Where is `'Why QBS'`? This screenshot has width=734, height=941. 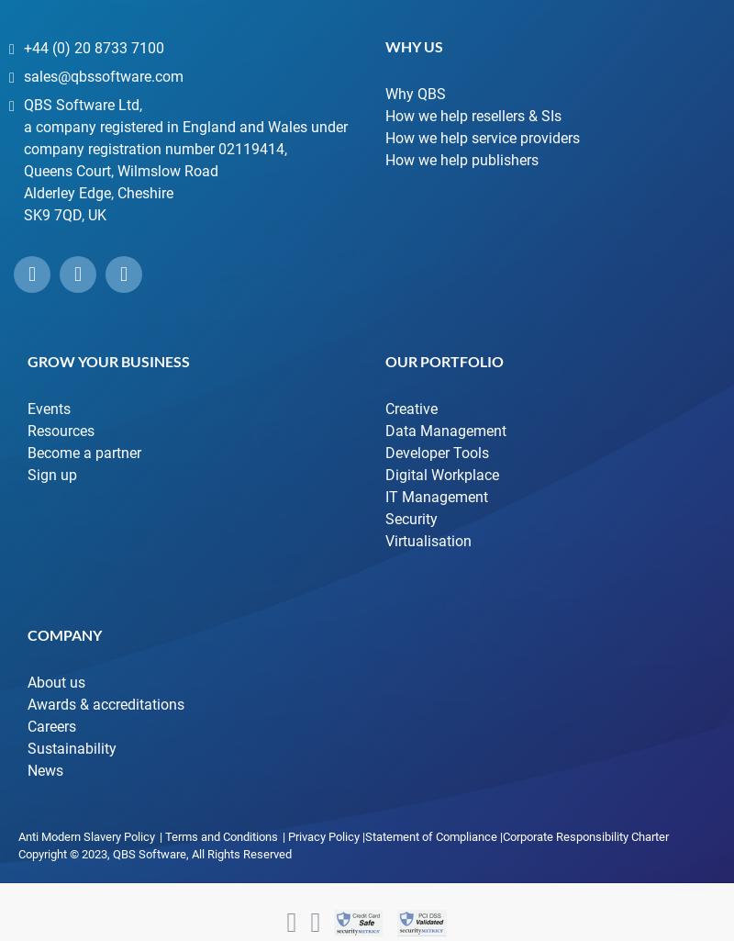 'Why QBS' is located at coordinates (415, 93).